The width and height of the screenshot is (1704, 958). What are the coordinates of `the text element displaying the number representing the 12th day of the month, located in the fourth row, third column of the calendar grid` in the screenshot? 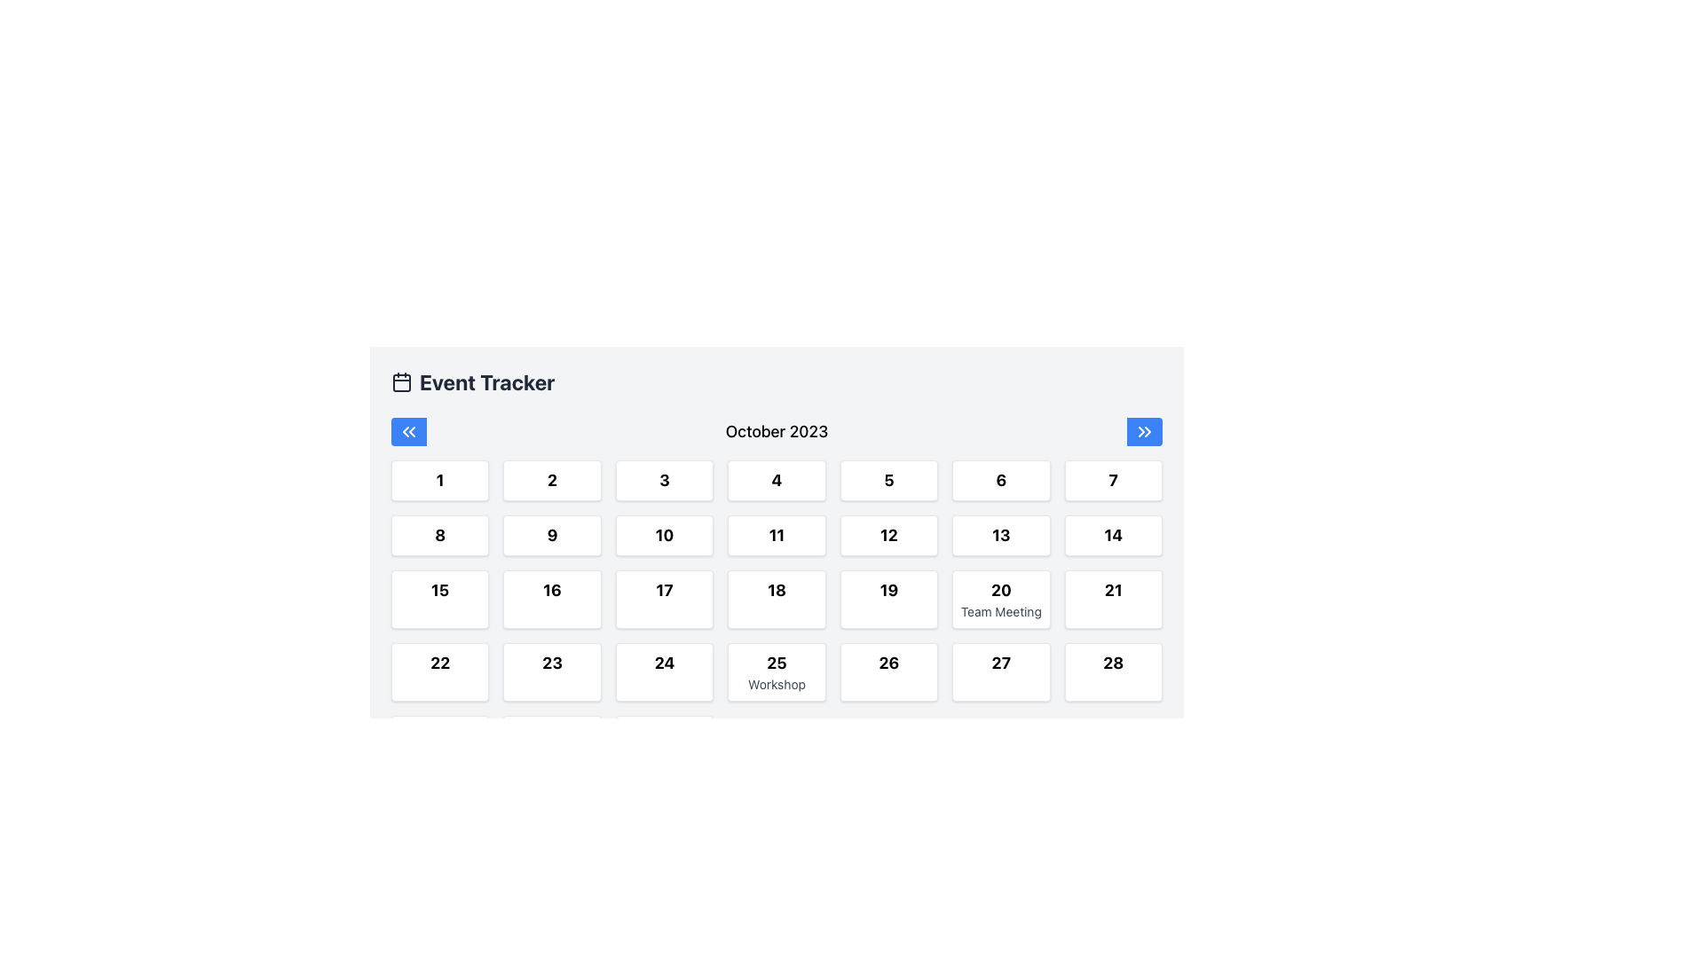 It's located at (888, 535).